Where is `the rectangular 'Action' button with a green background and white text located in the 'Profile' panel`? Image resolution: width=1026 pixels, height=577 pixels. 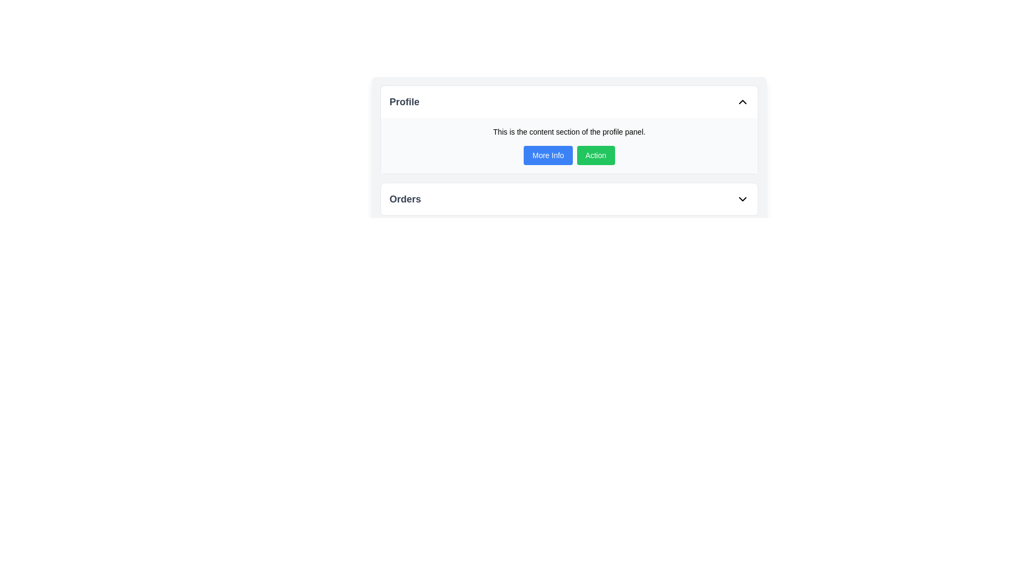
the rectangular 'Action' button with a green background and white text located in the 'Profile' panel is located at coordinates (595, 155).